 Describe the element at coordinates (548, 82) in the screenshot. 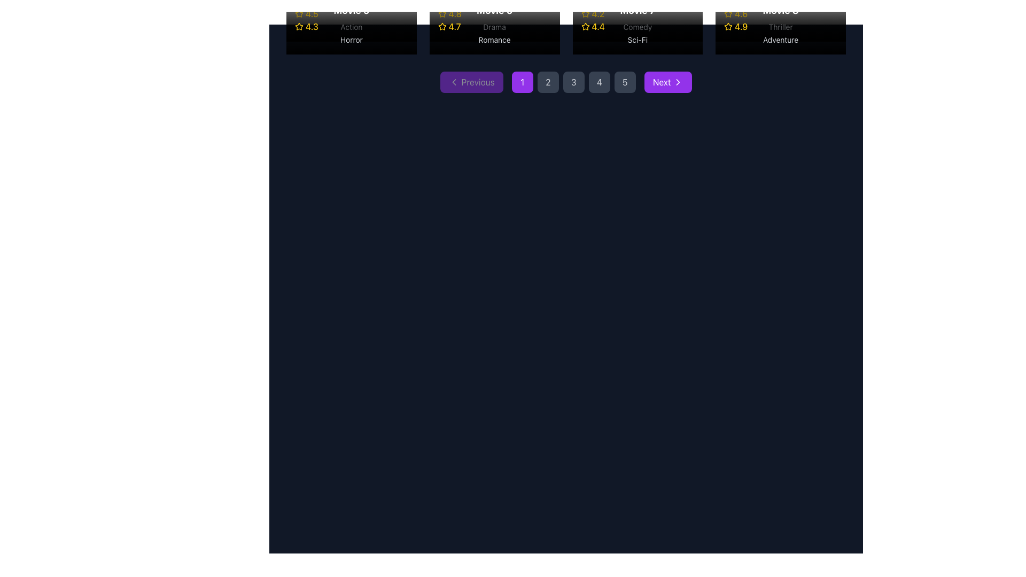

I see `the rounded square button with the number '2' displayed in light gray` at that location.